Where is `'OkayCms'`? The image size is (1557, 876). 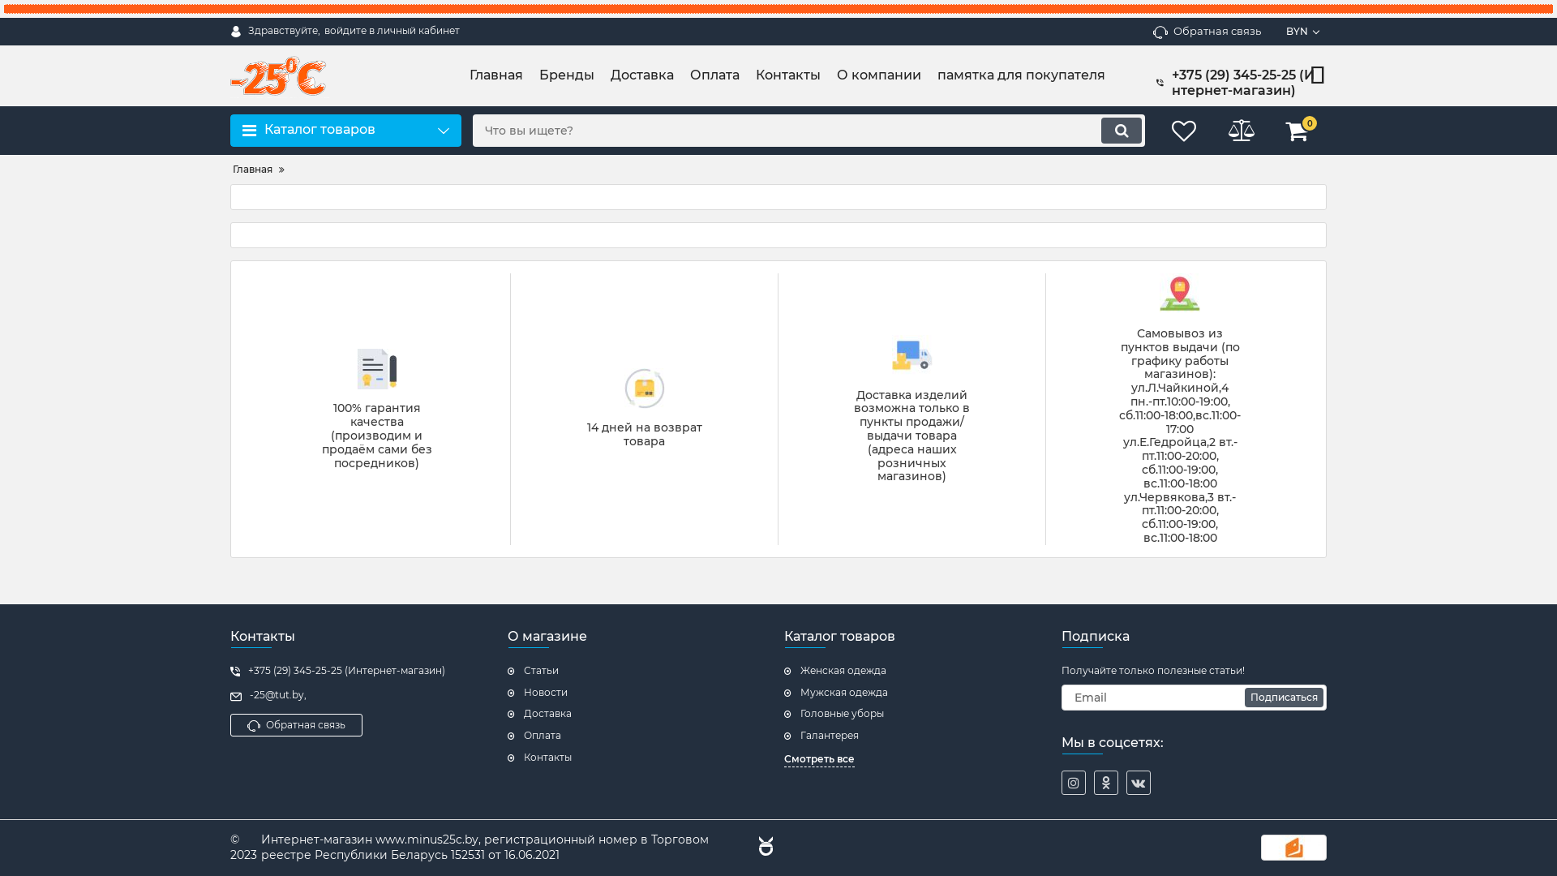 'OkayCms' is located at coordinates (762, 847).